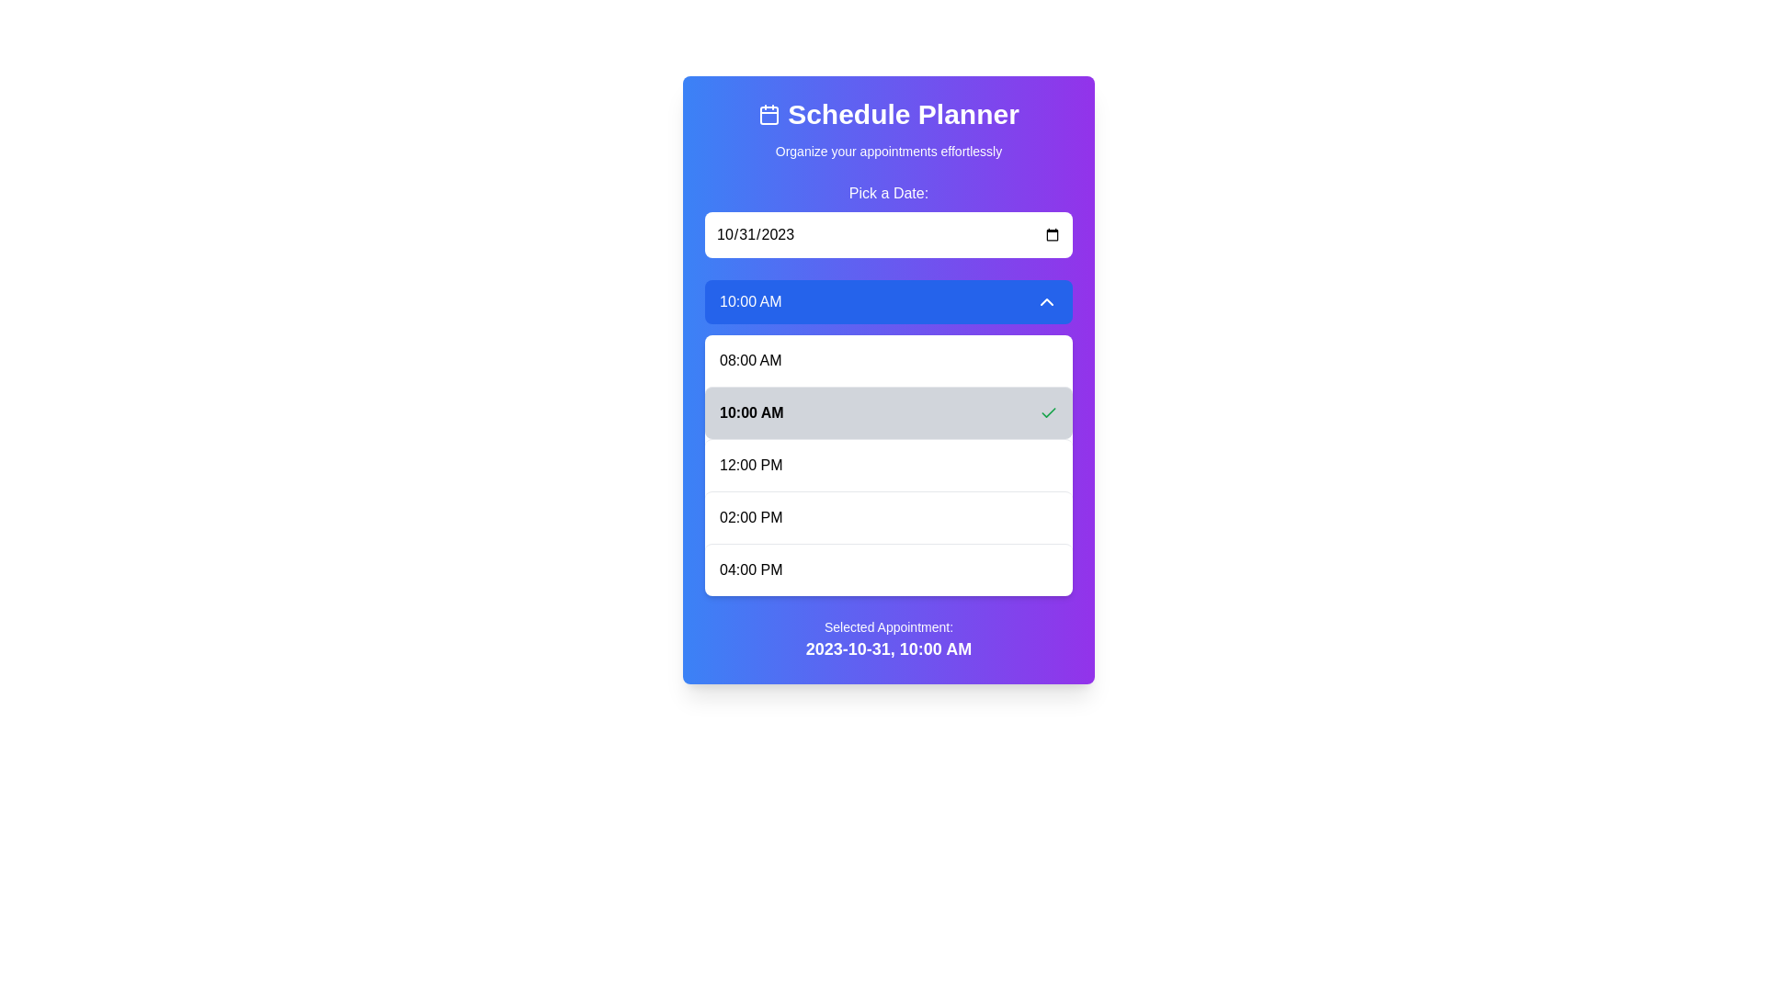 This screenshot has width=1765, height=992. What do you see at coordinates (888, 194) in the screenshot?
I see `the text label displaying 'Pick a Date:' which is styled with a medium font weight and located at the top of the interface, just above the date input field` at bounding box center [888, 194].